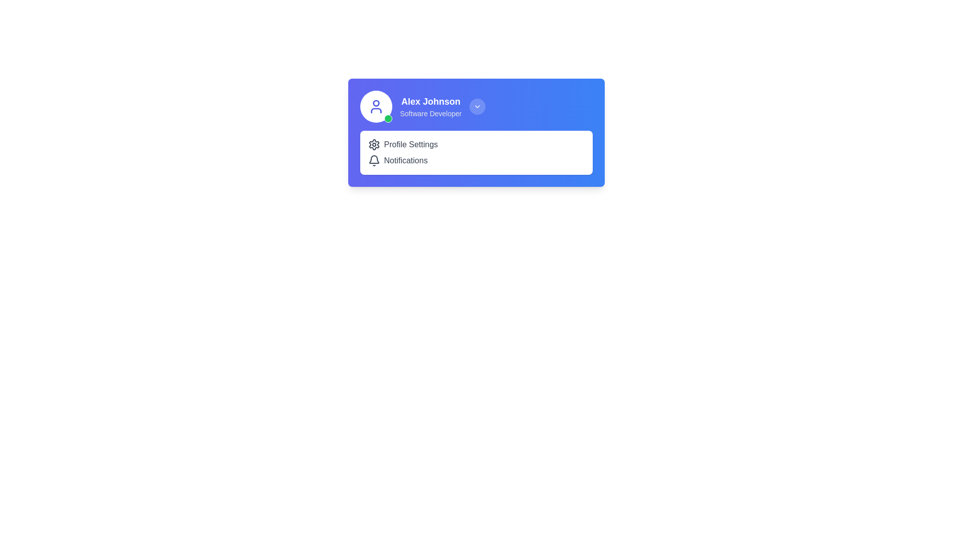 The image size is (962, 541). I want to click on the small white circle located inside the avatar icon at the top-left corner of the profile card, which is part of an SVG illustration and positioned in the center of the avatar, so click(375, 103).